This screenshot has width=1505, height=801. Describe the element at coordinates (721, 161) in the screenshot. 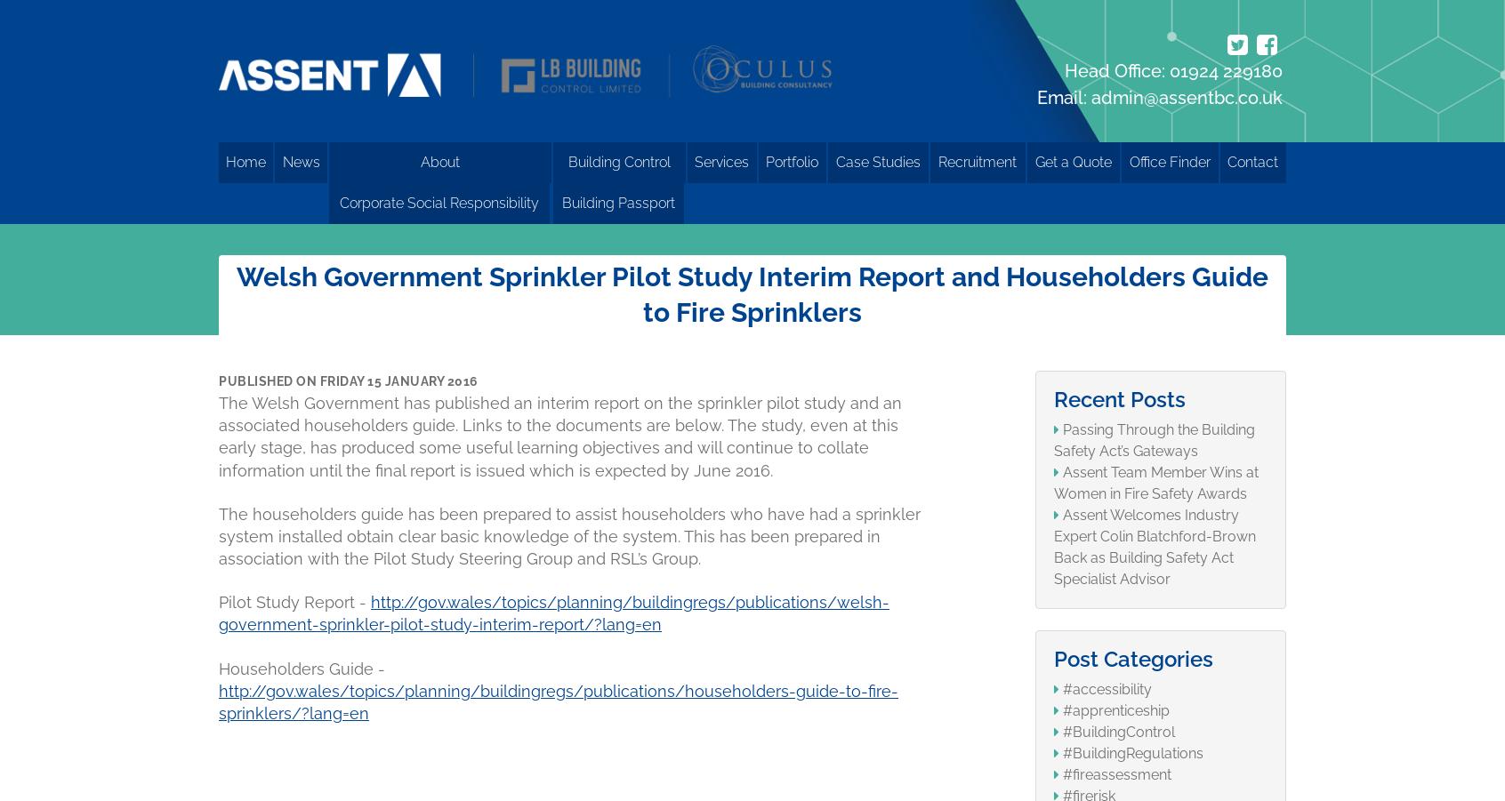

I see `'Services'` at that location.